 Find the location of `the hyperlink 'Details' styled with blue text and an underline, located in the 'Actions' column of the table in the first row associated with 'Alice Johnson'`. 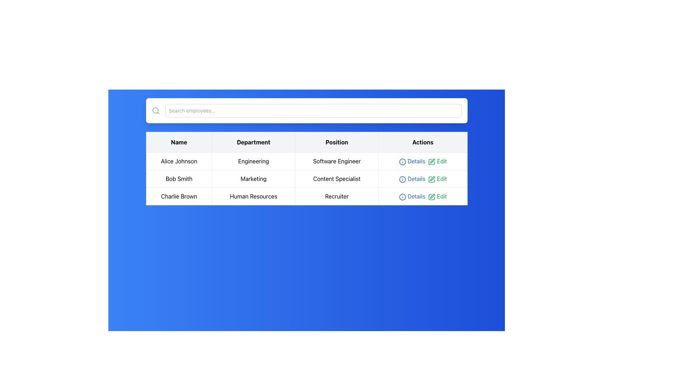

the hyperlink 'Details' styled with blue text and an underline, located in the 'Actions' column of the table in the first row associated with 'Alice Johnson' is located at coordinates (412, 161).